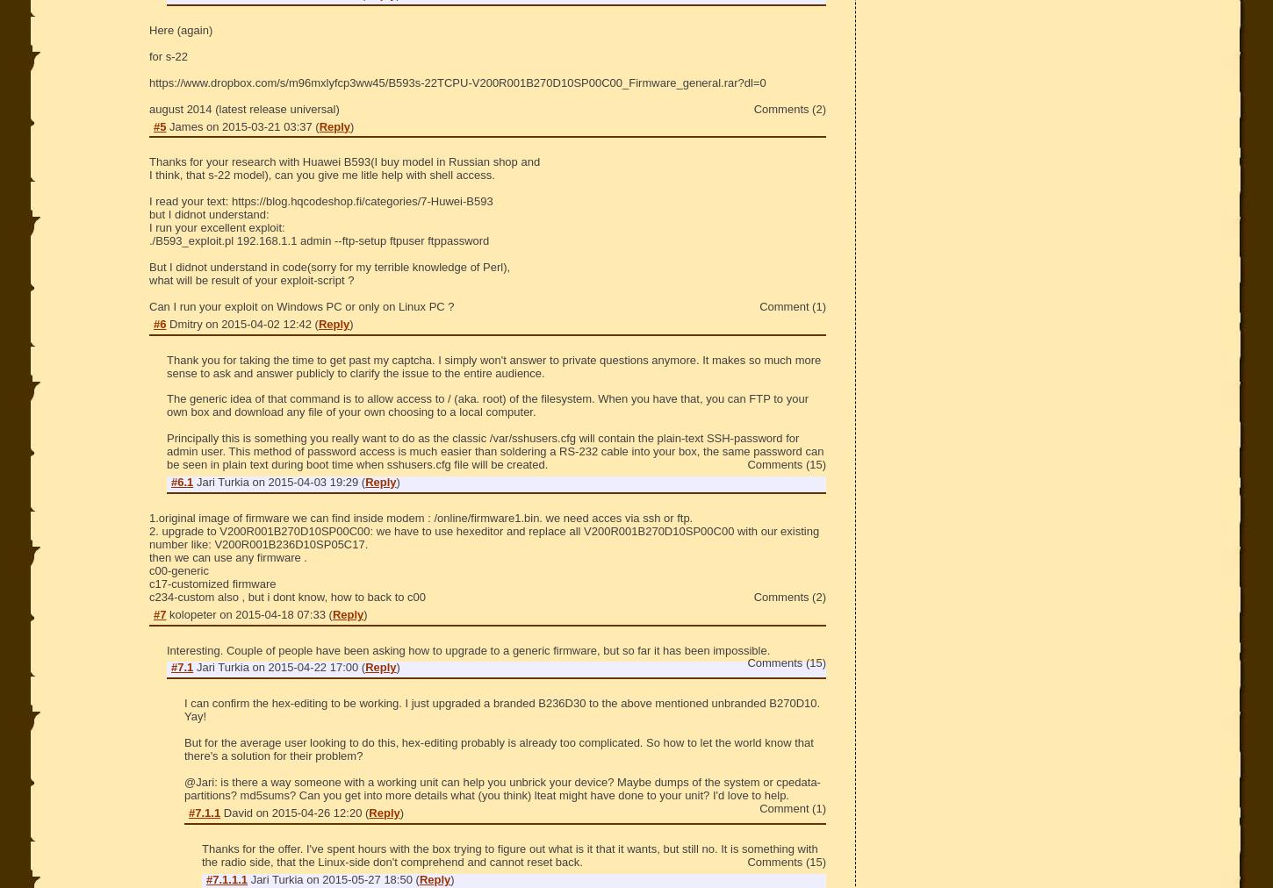 This screenshot has width=1273, height=888. What do you see at coordinates (502, 708) in the screenshot?
I see `'I can confirm the hex-editing to be working. I just upgraded a branded B236D30 to the above mentioned unbranded B270D10. Yay!'` at bounding box center [502, 708].